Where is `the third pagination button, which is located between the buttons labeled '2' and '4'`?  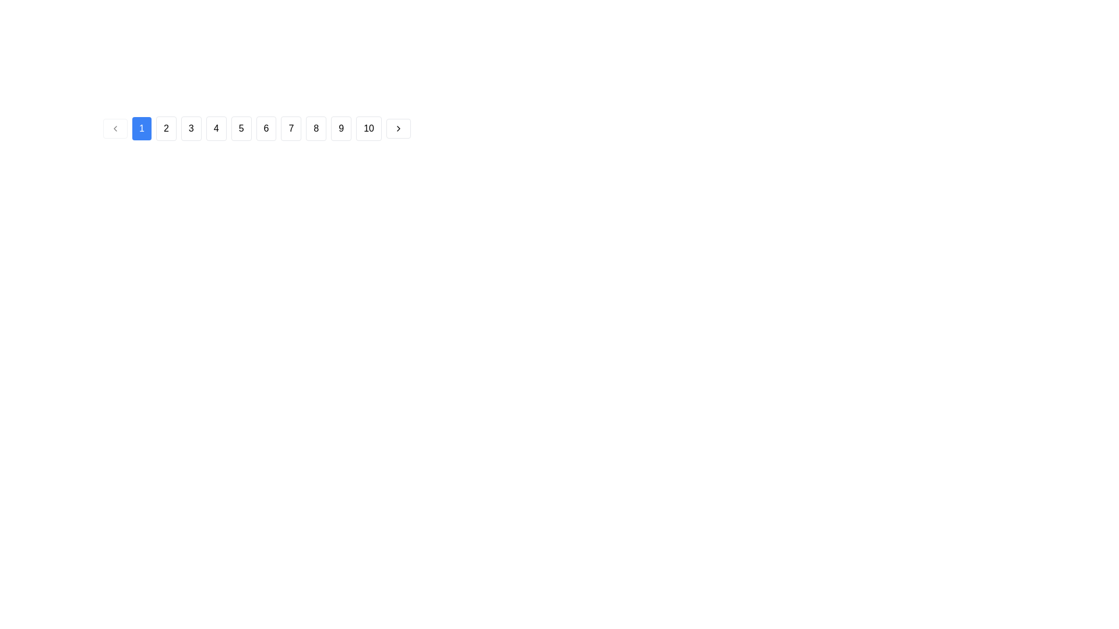
the third pagination button, which is located between the buttons labeled '2' and '4' is located at coordinates (191, 128).